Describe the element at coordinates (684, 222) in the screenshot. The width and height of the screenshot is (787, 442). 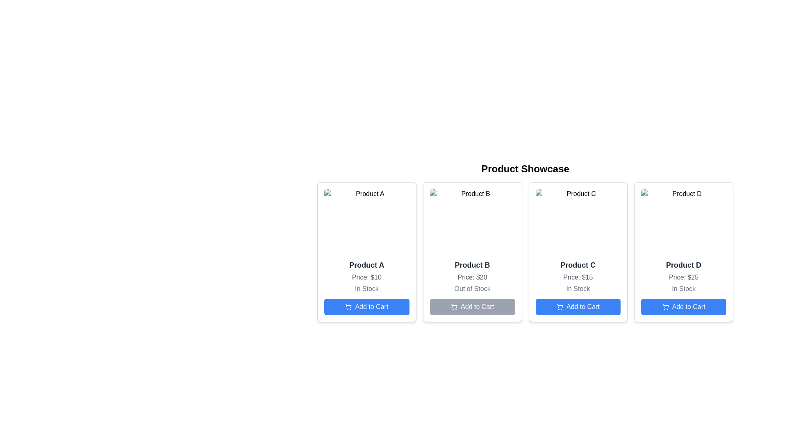
I see `the image representing 'Product D' located at the top of the product card` at that location.